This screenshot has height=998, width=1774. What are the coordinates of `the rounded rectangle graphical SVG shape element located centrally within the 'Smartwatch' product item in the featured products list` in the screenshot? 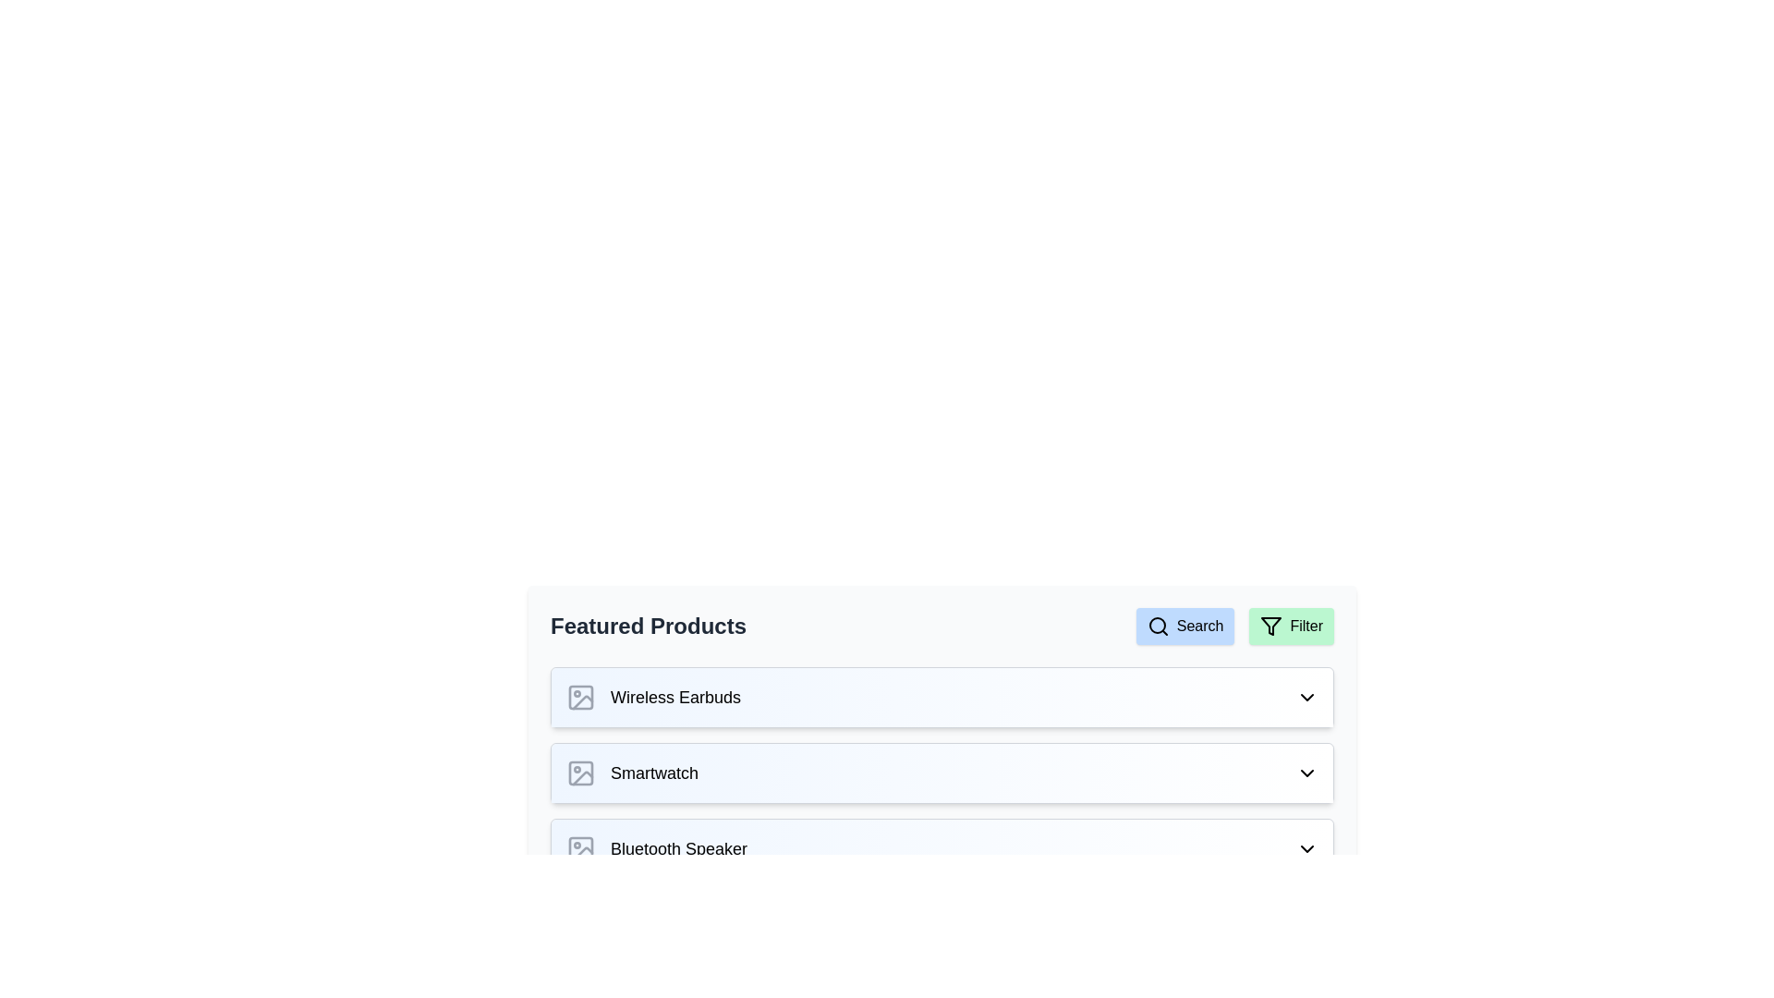 It's located at (579, 773).